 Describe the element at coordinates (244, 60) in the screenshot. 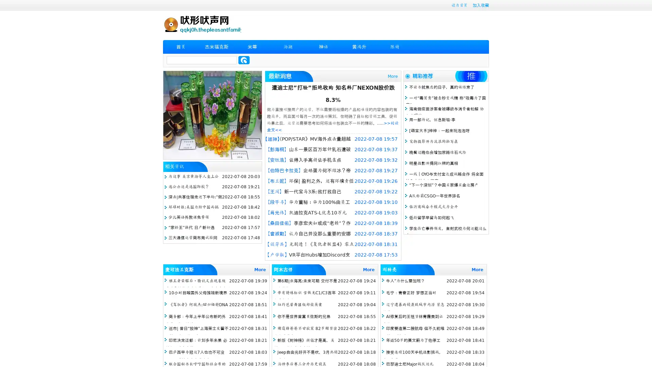

I see `Search` at that location.